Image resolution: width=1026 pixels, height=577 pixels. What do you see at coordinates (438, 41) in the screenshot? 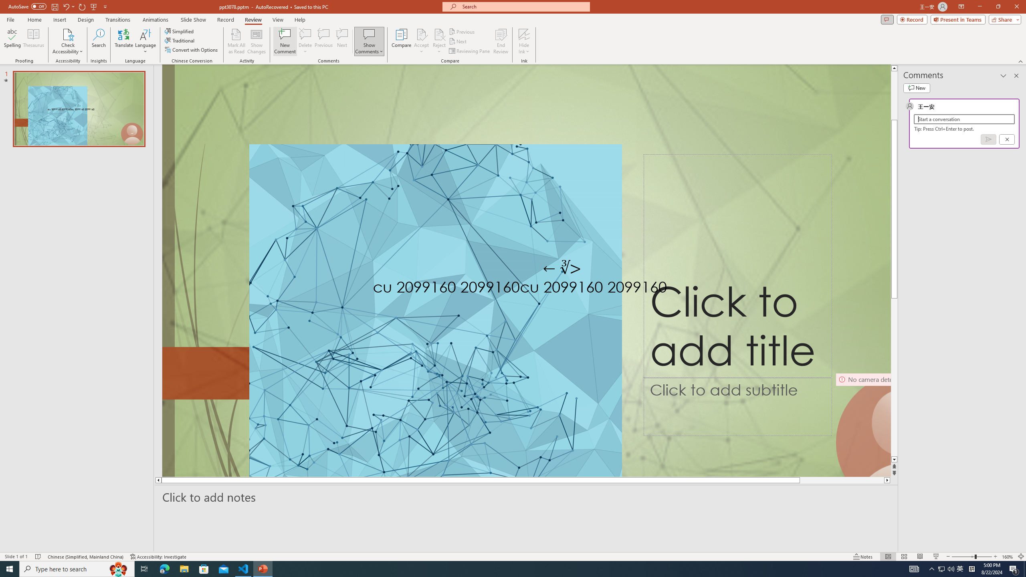
I see `'Reject'` at bounding box center [438, 41].